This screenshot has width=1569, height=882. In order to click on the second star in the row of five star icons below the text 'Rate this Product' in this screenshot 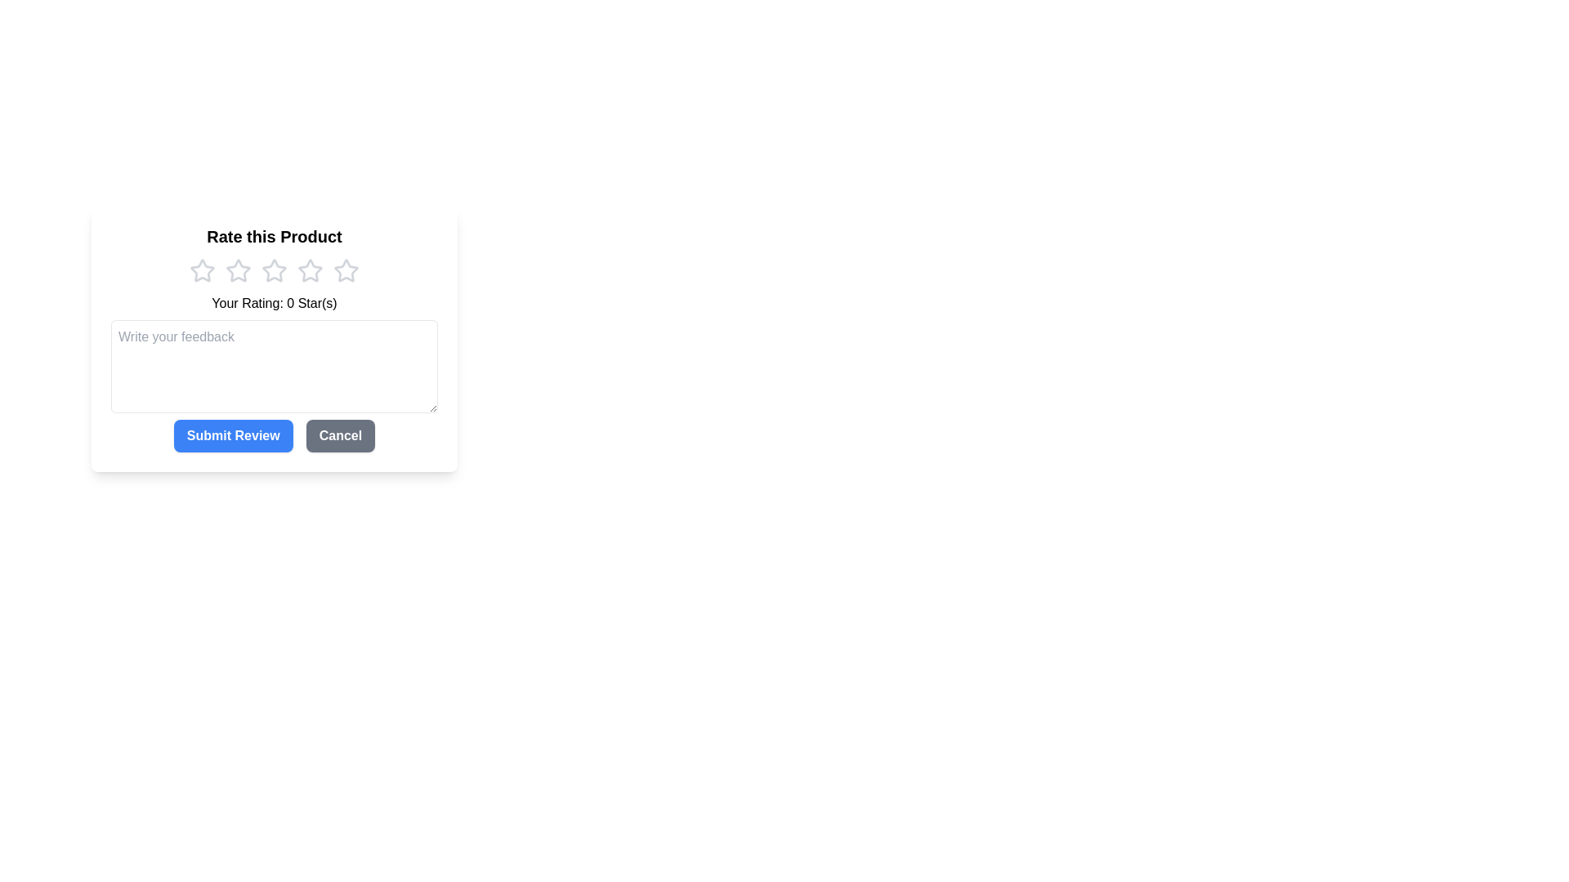, I will do `click(238, 269)`.